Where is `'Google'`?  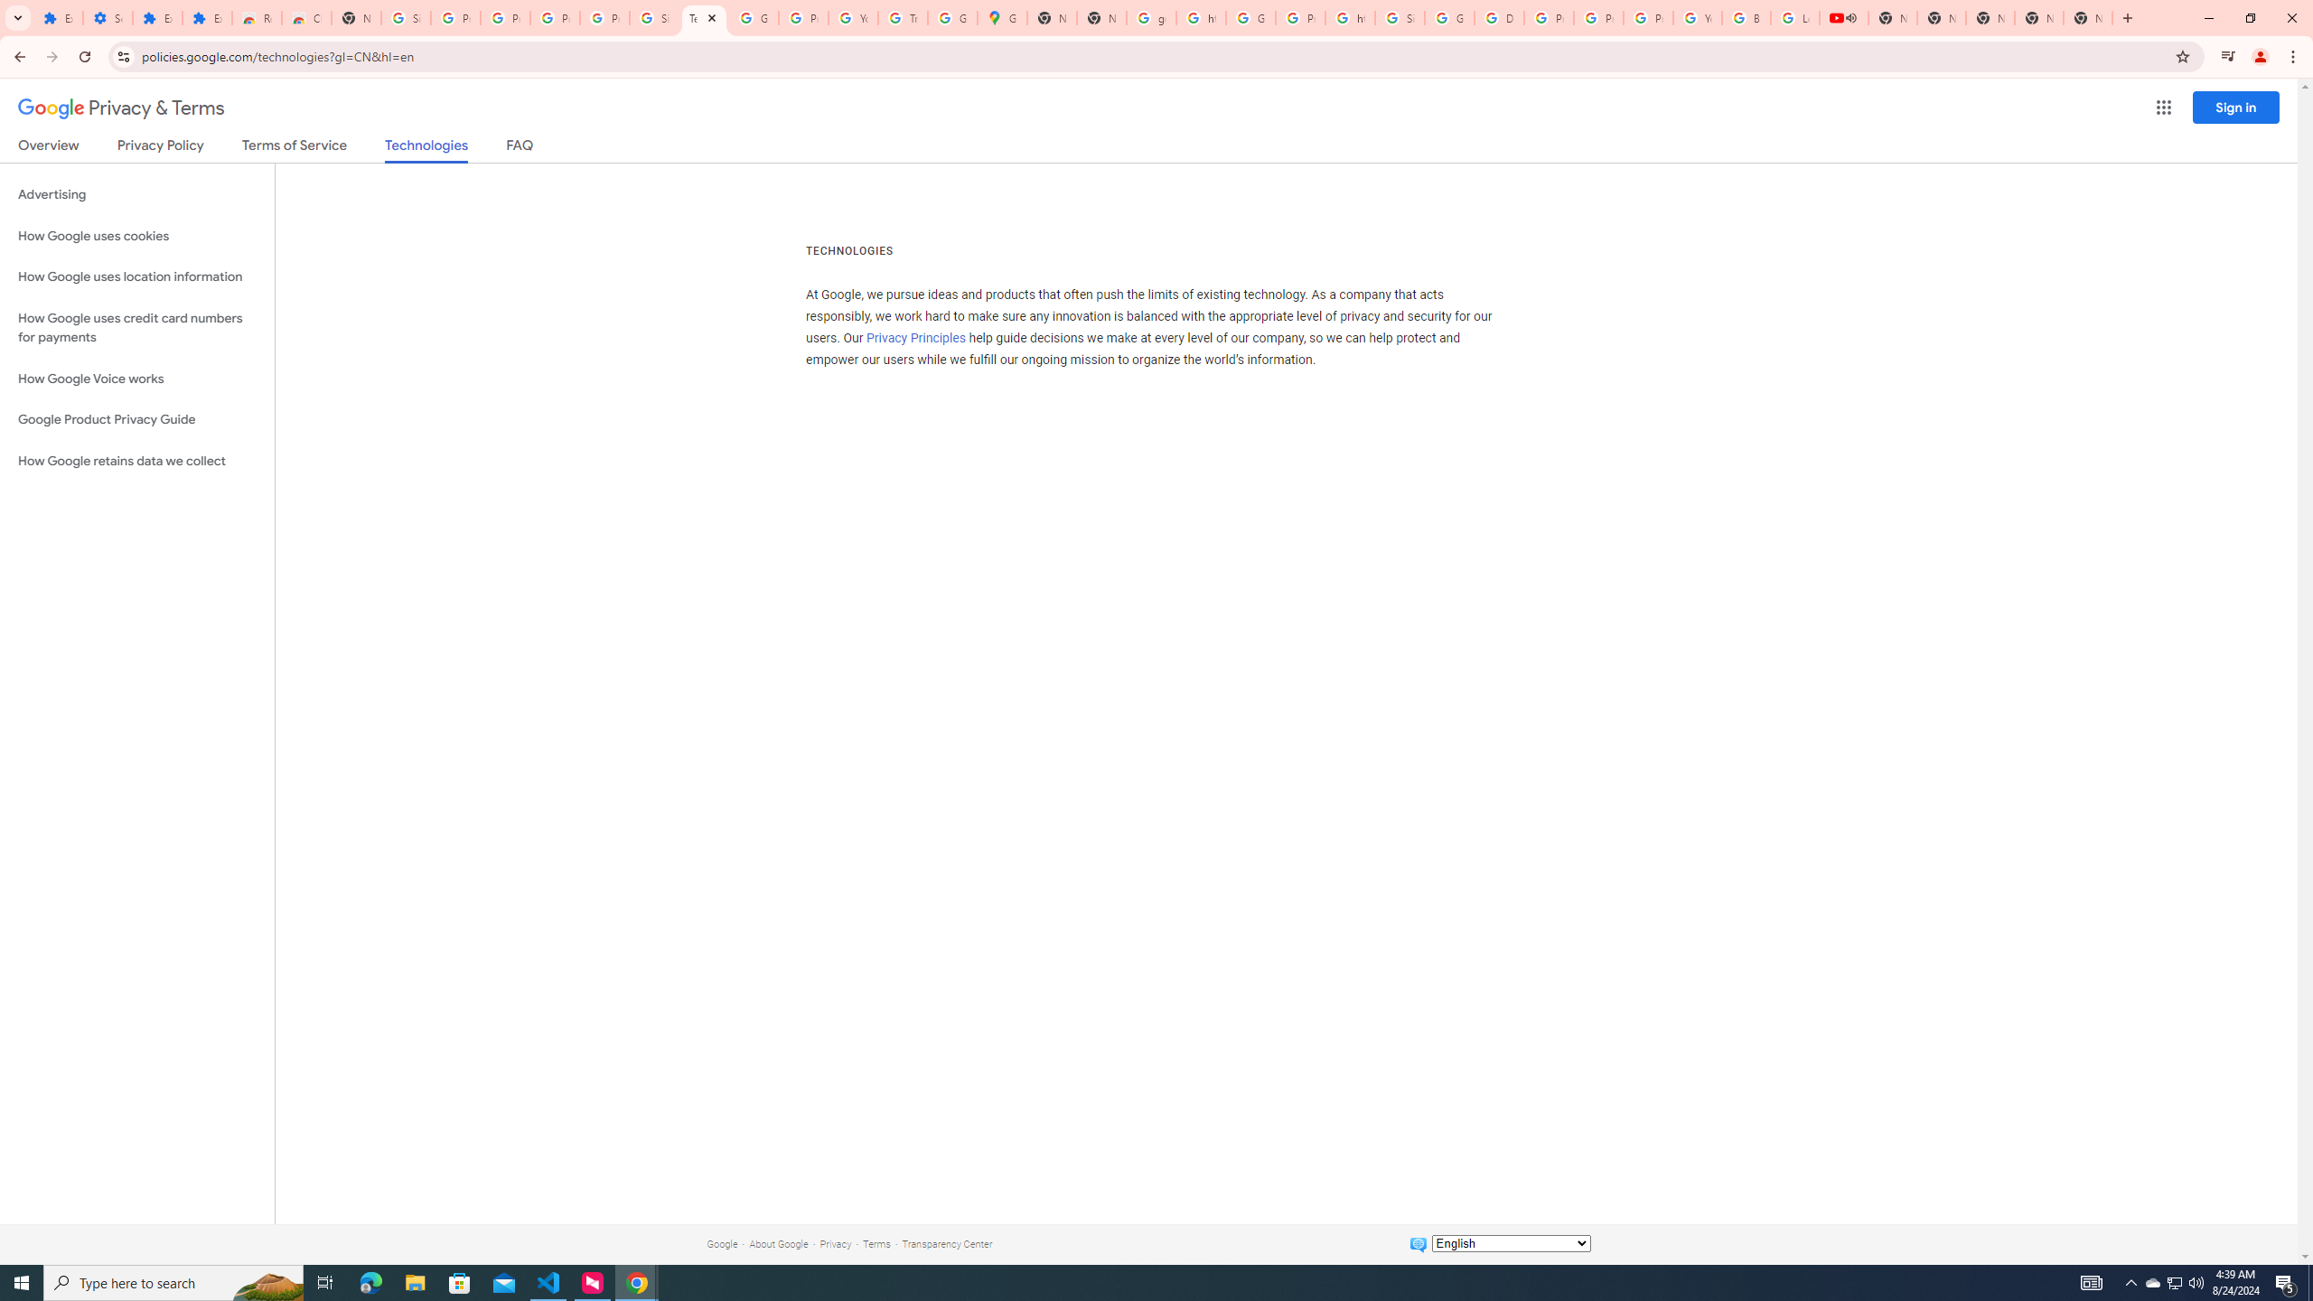 'Google' is located at coordinates (721, 1243).